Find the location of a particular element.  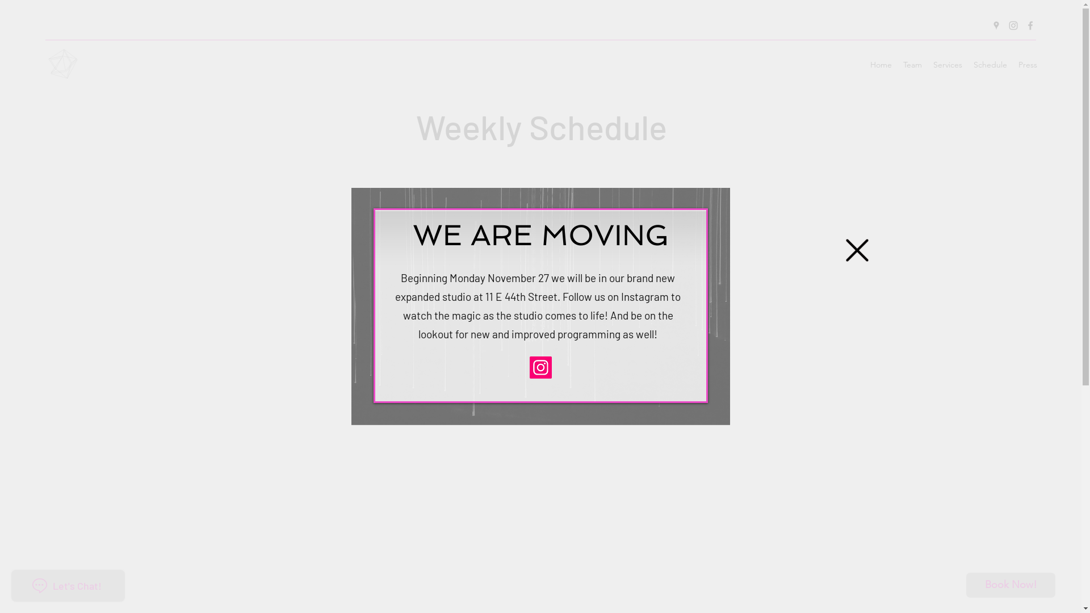

'Schedule' is located at coordinates (990, 65).